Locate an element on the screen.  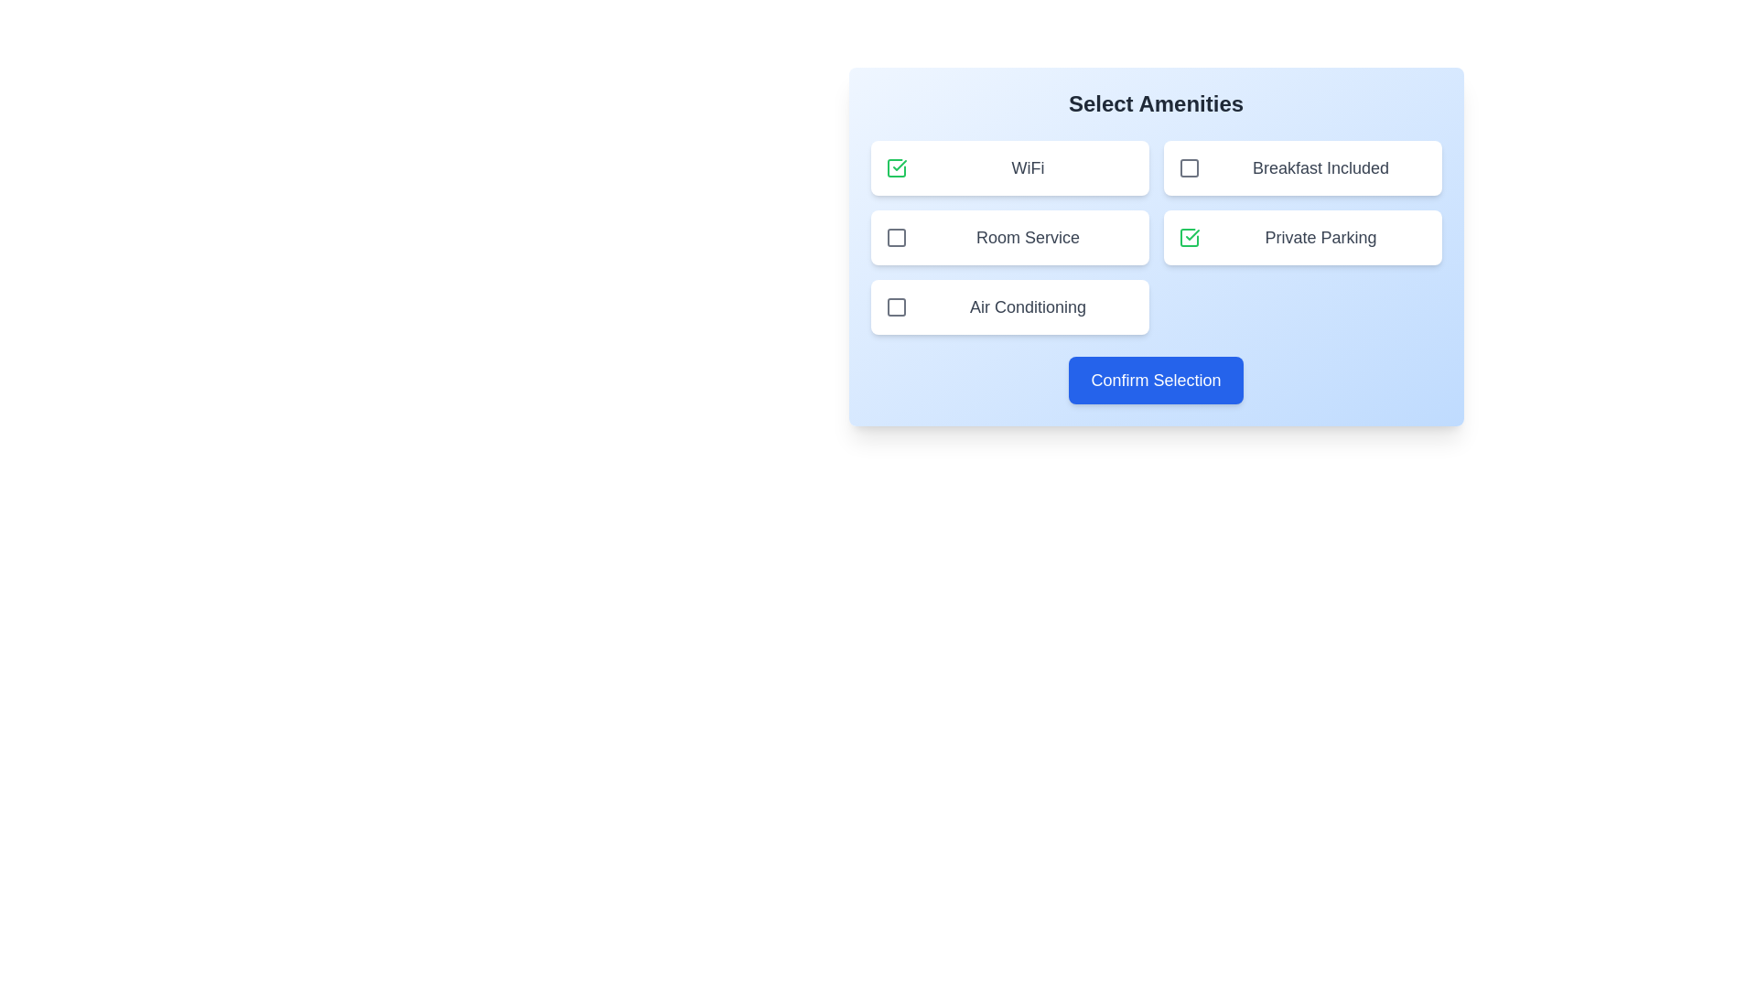
the checkbox for the 'Room Service' option is located at coordinates (896, 236).